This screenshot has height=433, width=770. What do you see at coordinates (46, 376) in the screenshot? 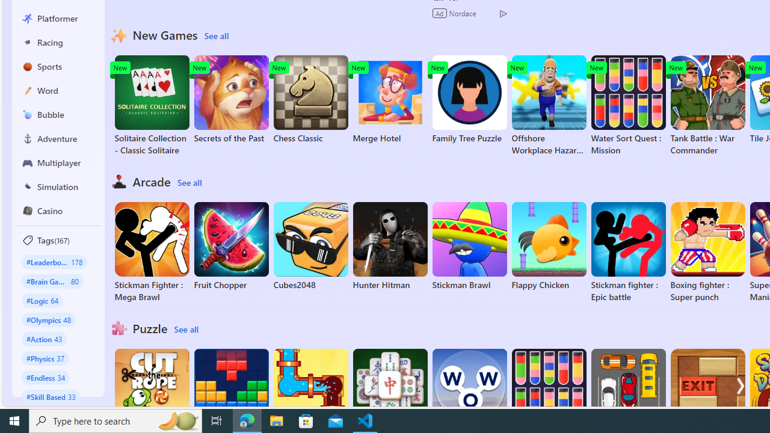
I see `'#Endless 34'` at bounding box center [46, 376].